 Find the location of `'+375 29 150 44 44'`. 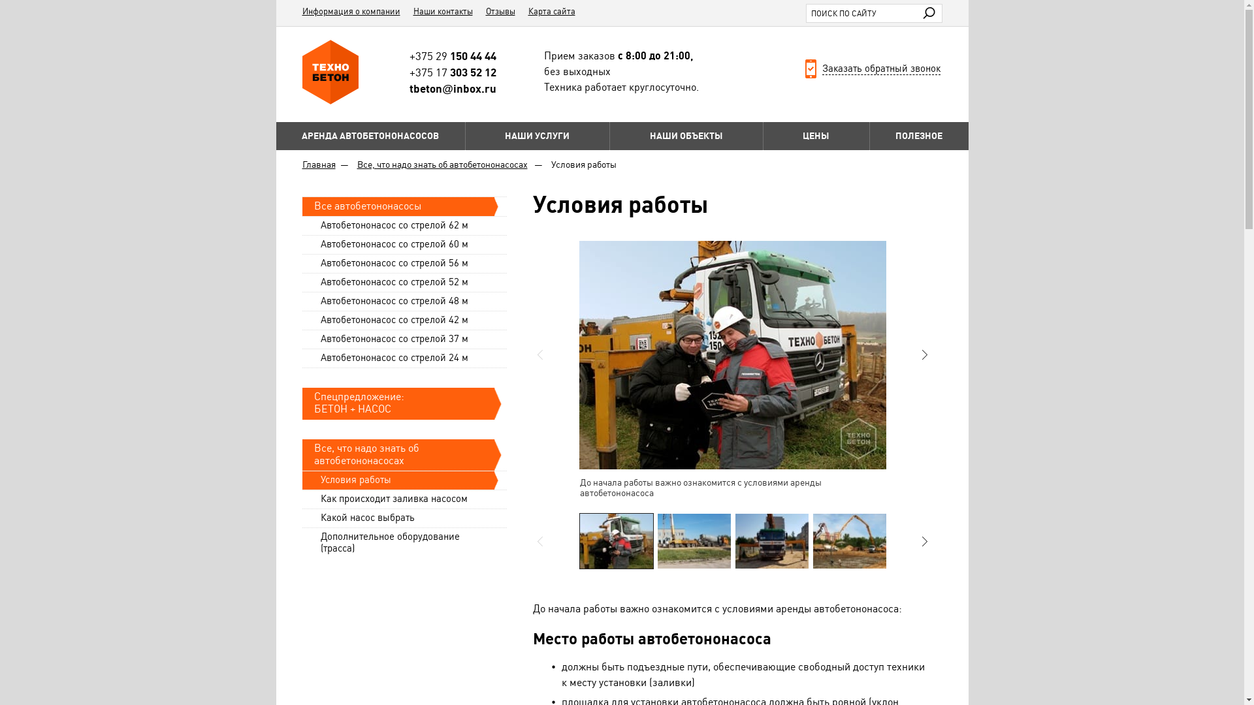

'+375 29 150 44 44' is located at coordinates (453, 55).